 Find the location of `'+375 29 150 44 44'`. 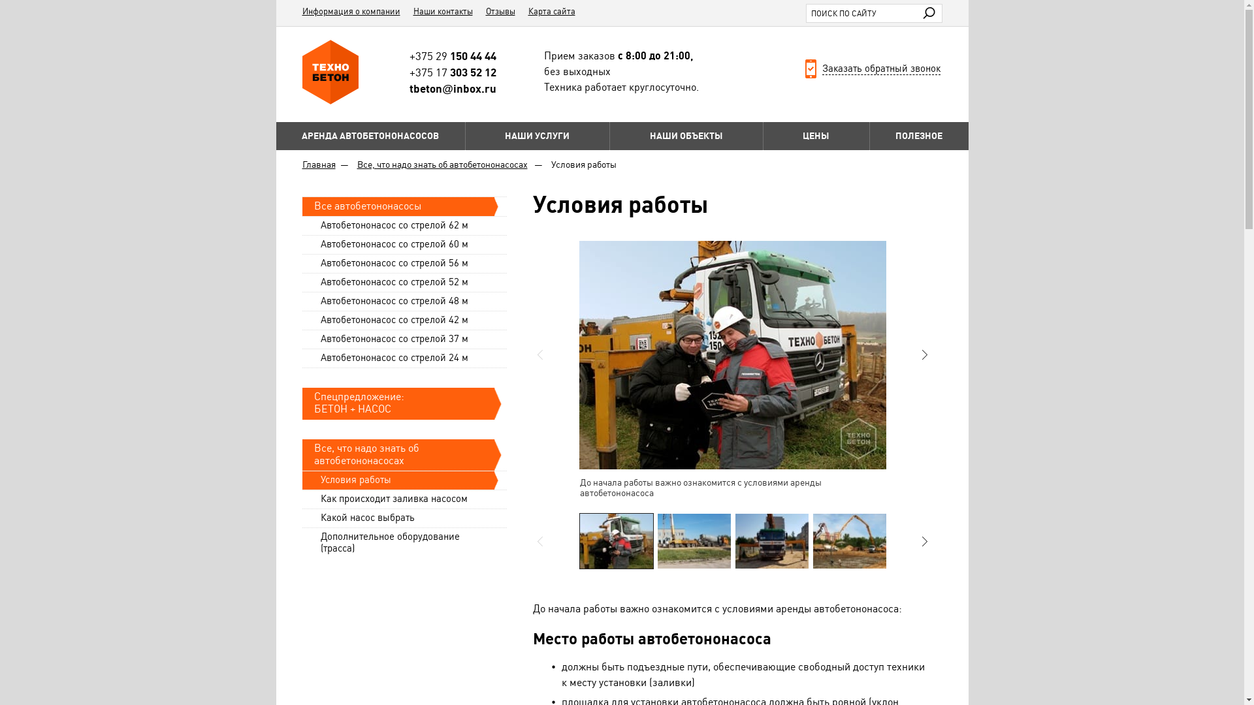

'+375 29 150 44 44' is located at coordinates (453, 55).